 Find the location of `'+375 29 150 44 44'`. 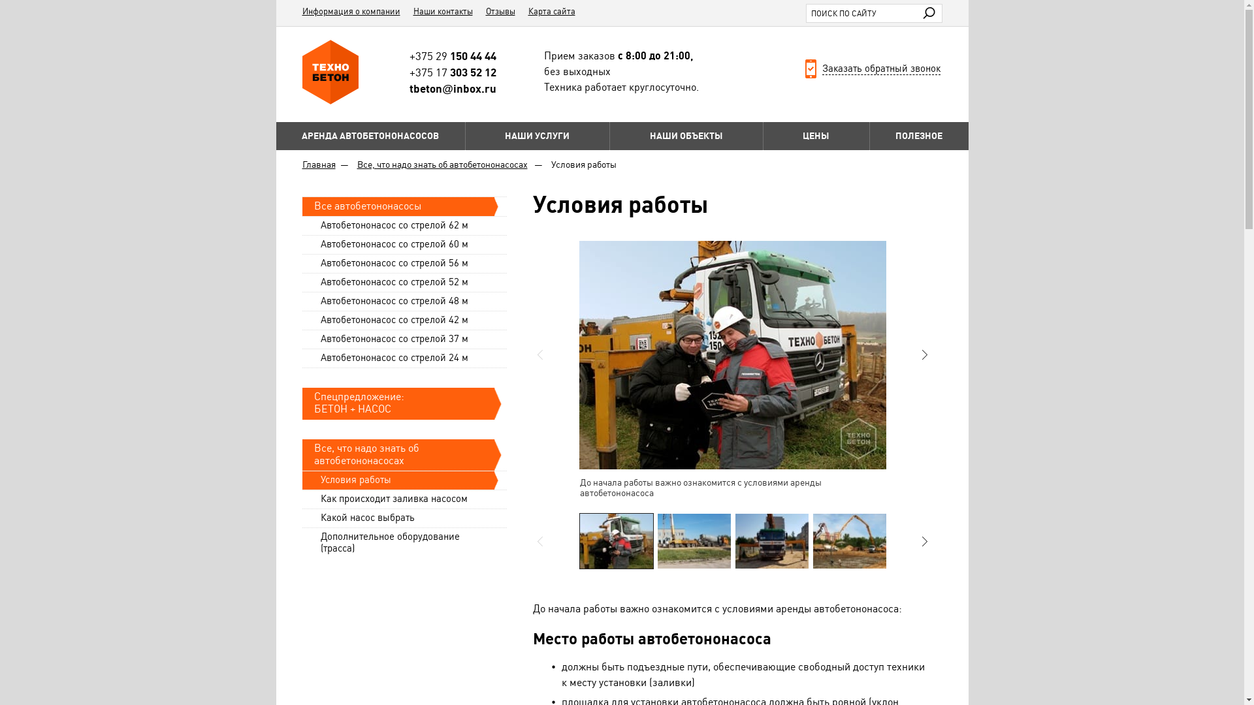

'+375 29 150 44 44' is located at coordinates (453, 55).